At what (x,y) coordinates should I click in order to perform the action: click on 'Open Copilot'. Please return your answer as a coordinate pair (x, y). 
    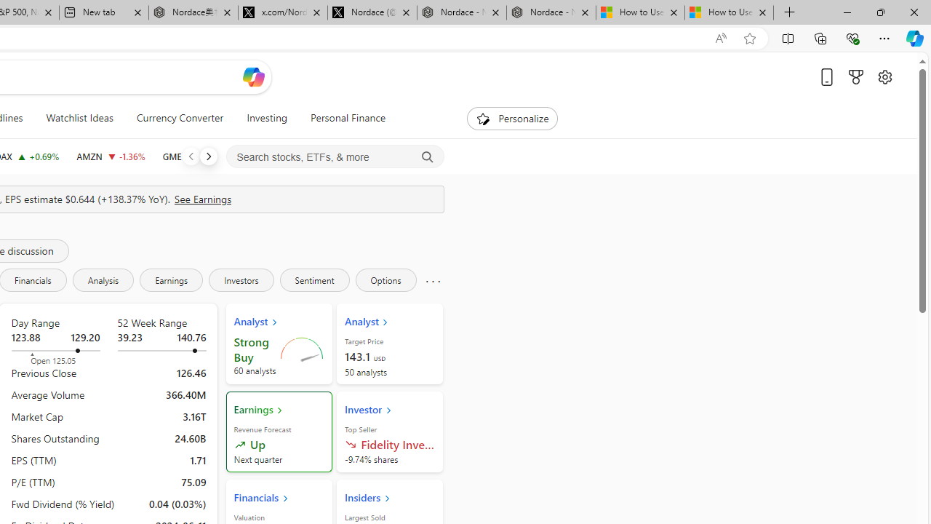
    Looking at the image, I should click on (253, 76).